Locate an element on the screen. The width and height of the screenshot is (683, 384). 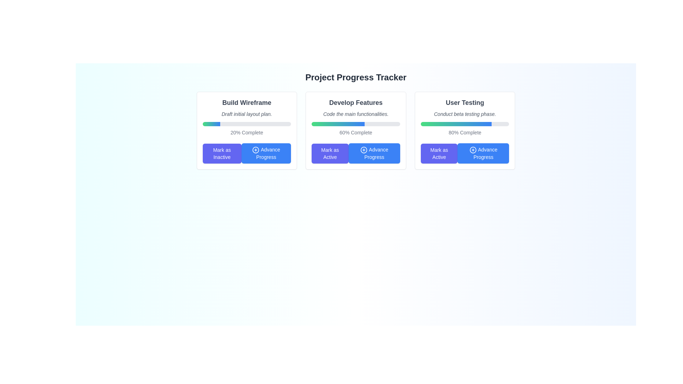
the 'Advance Progress' button with blue background and white text is located at coordinates (374, 153).